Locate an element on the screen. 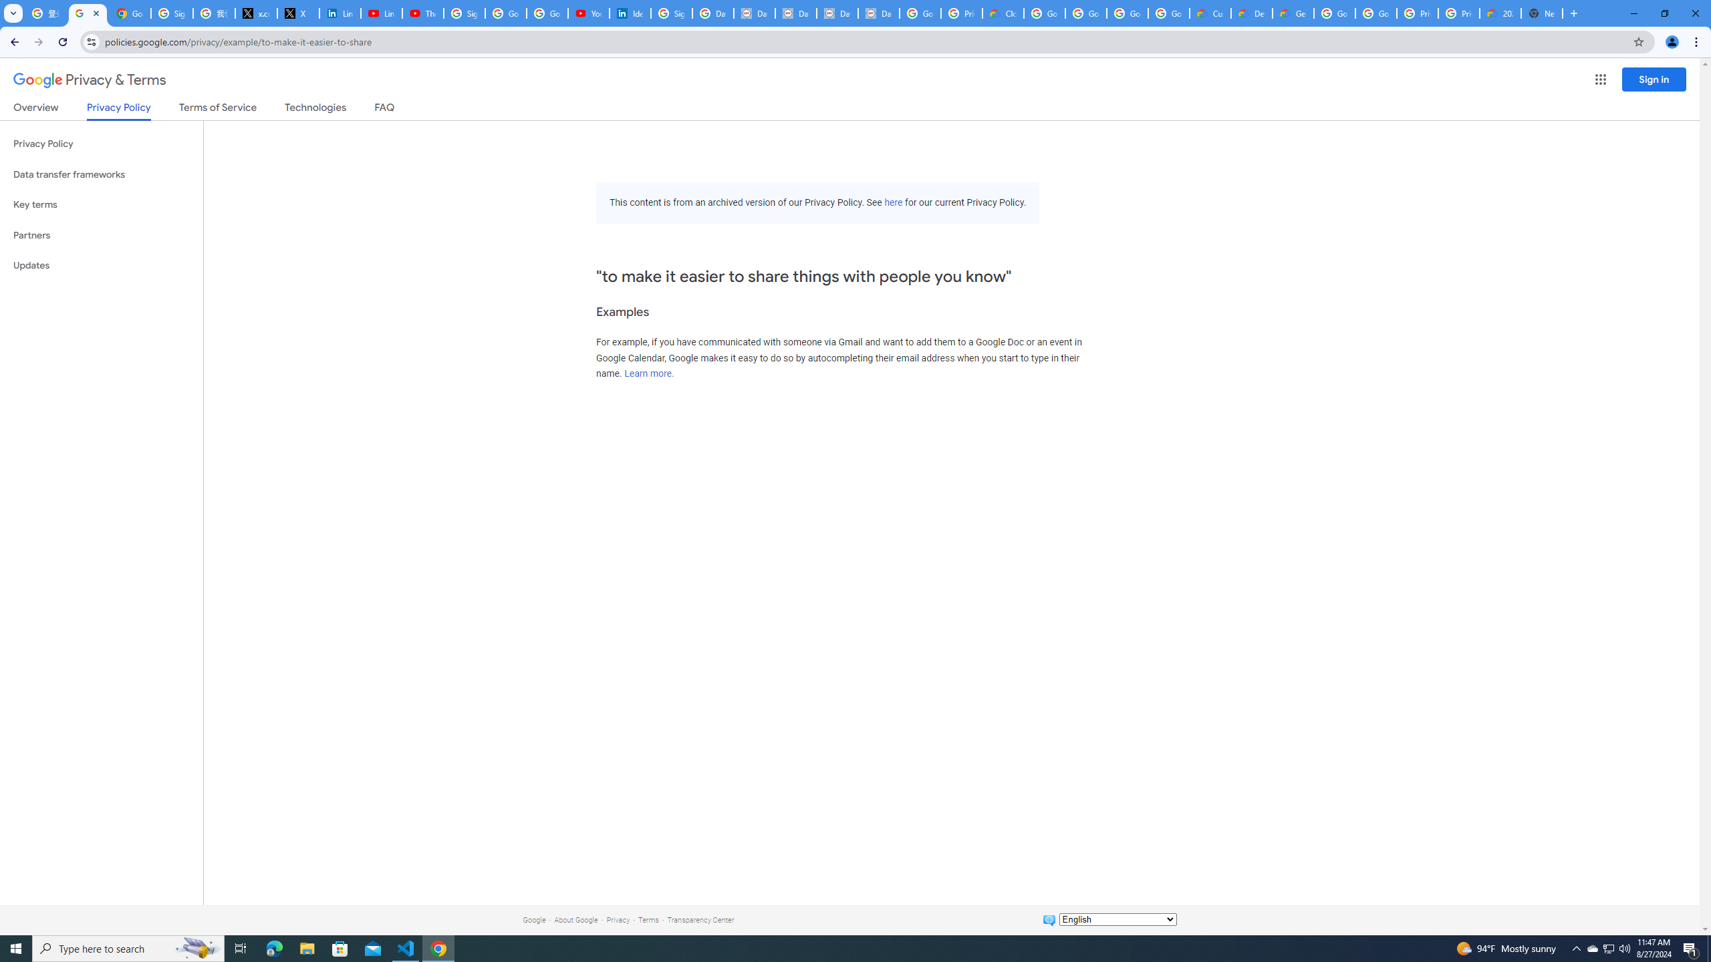 This screenshot has height=962, width=1711. 'LinkedIn - YouTube' is located at coordinates (381, 13).